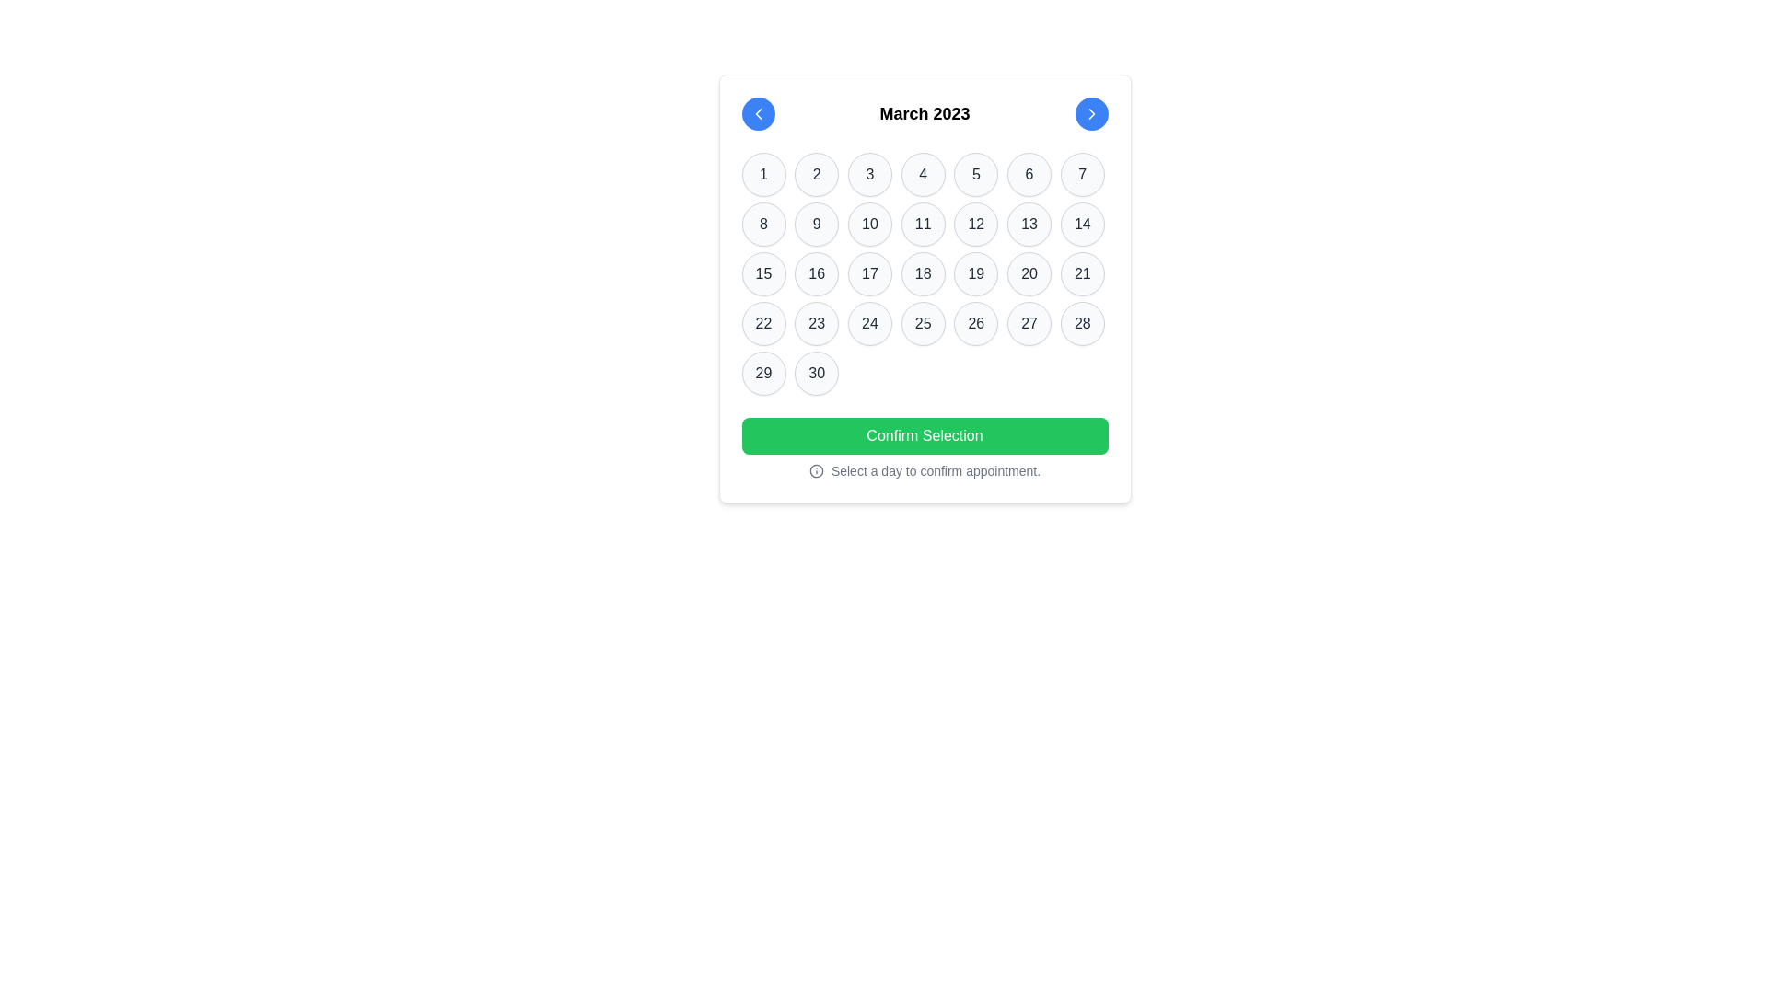  What do you see at coordinates (1091, 113) in the screenshot?
I see `the right-pointing chevron icon in the circular blue button located on the right side of the calendar header` at bounding box center [1091, 113].